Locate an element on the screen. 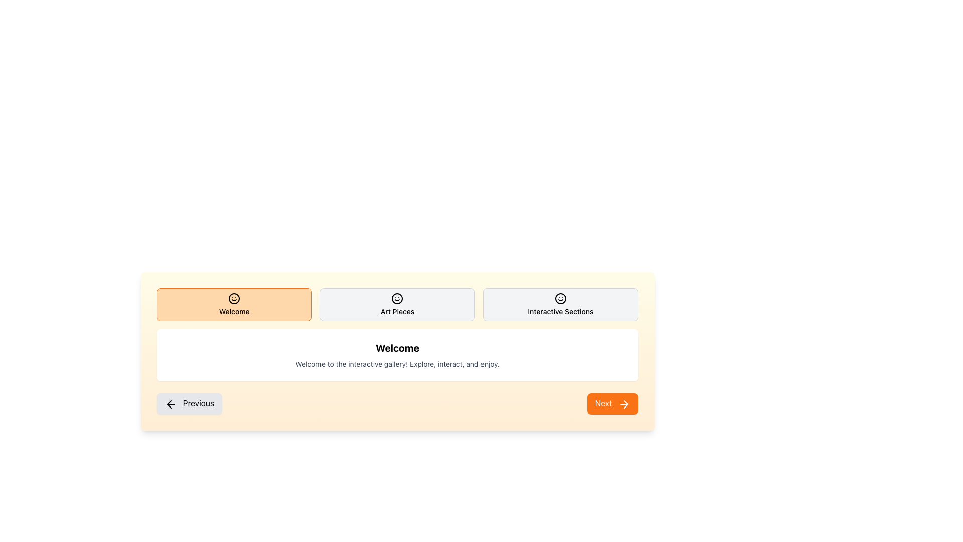  the informational label displaying 'Art Pieces', which is the second segment in a horizontal sequence of three, located centrally between 'Welcome' and 'Interactive Sections' is located at coordinates (397, 304).